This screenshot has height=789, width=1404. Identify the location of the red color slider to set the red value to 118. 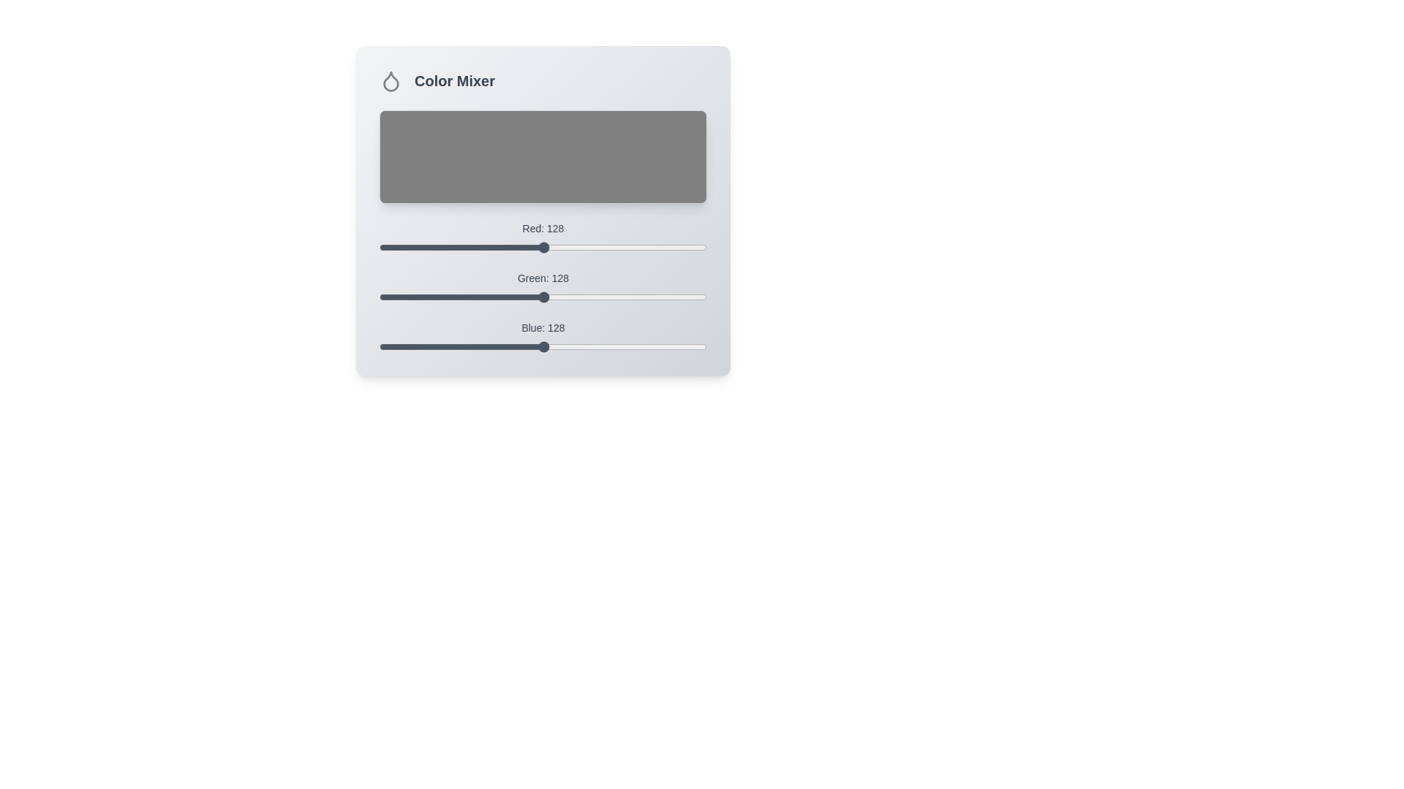
(530, 247).